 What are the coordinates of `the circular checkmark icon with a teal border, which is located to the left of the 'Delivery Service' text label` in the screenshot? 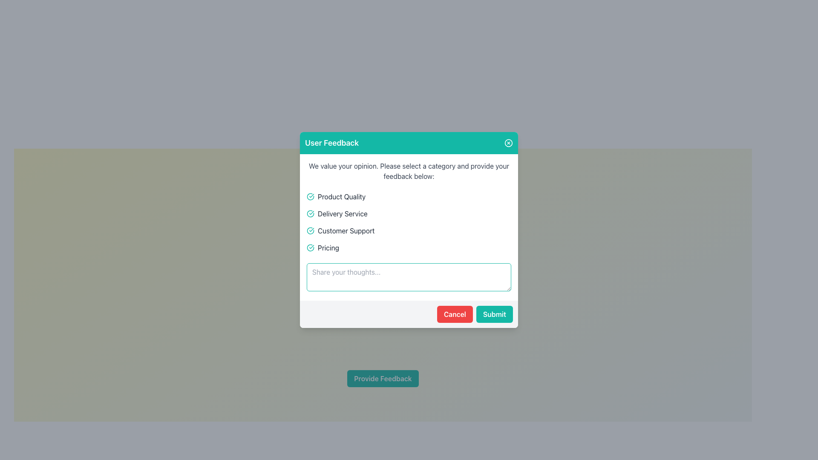 It's located at (310, 213).